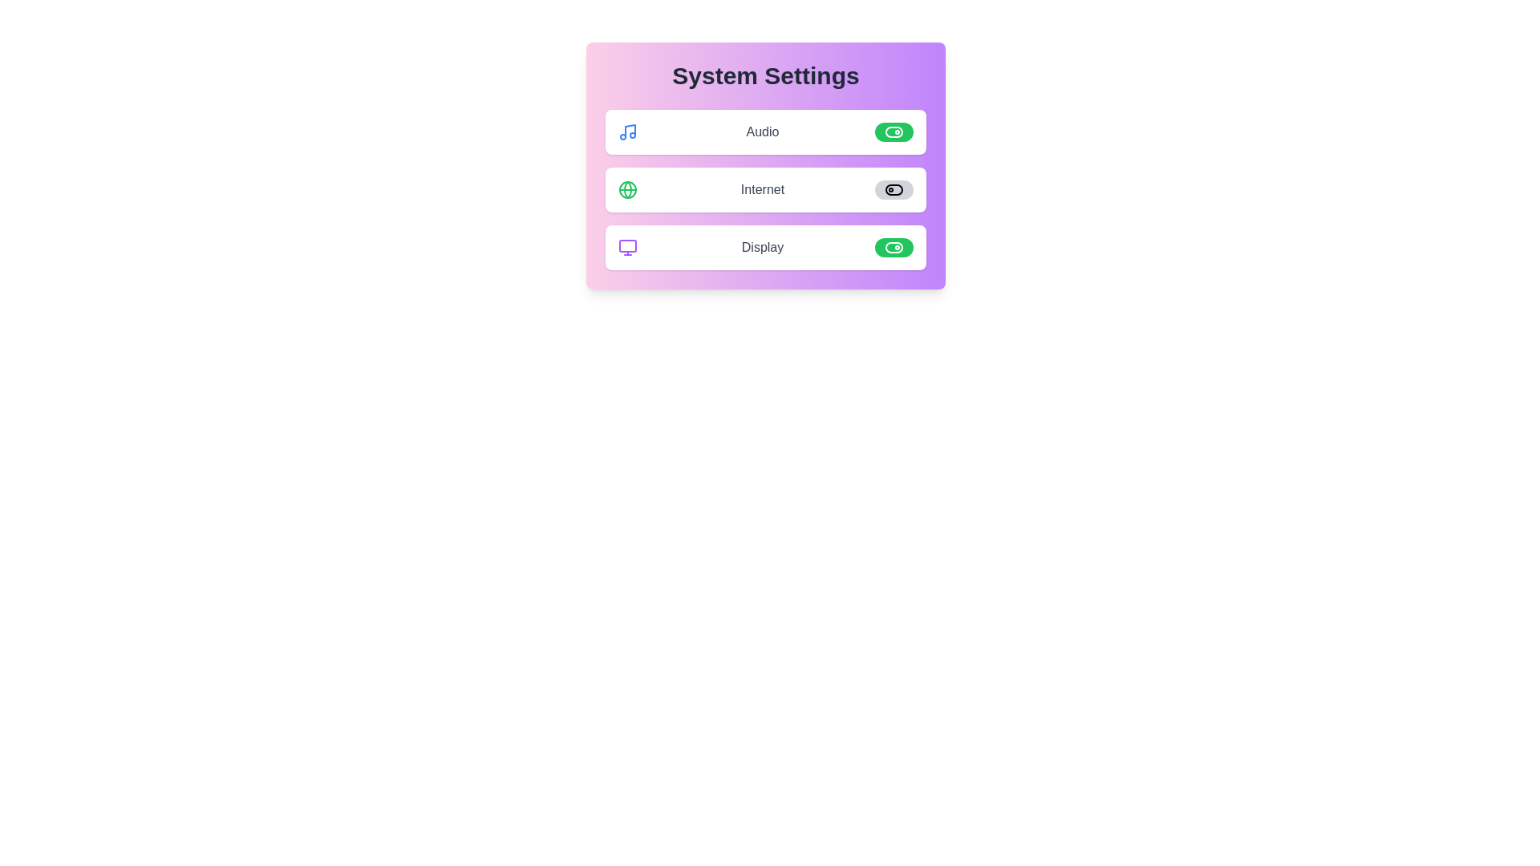  I want to click on the toggle button located in the second row of the settings panel, adjacent to the 'Internet' label, so click(893, 188).